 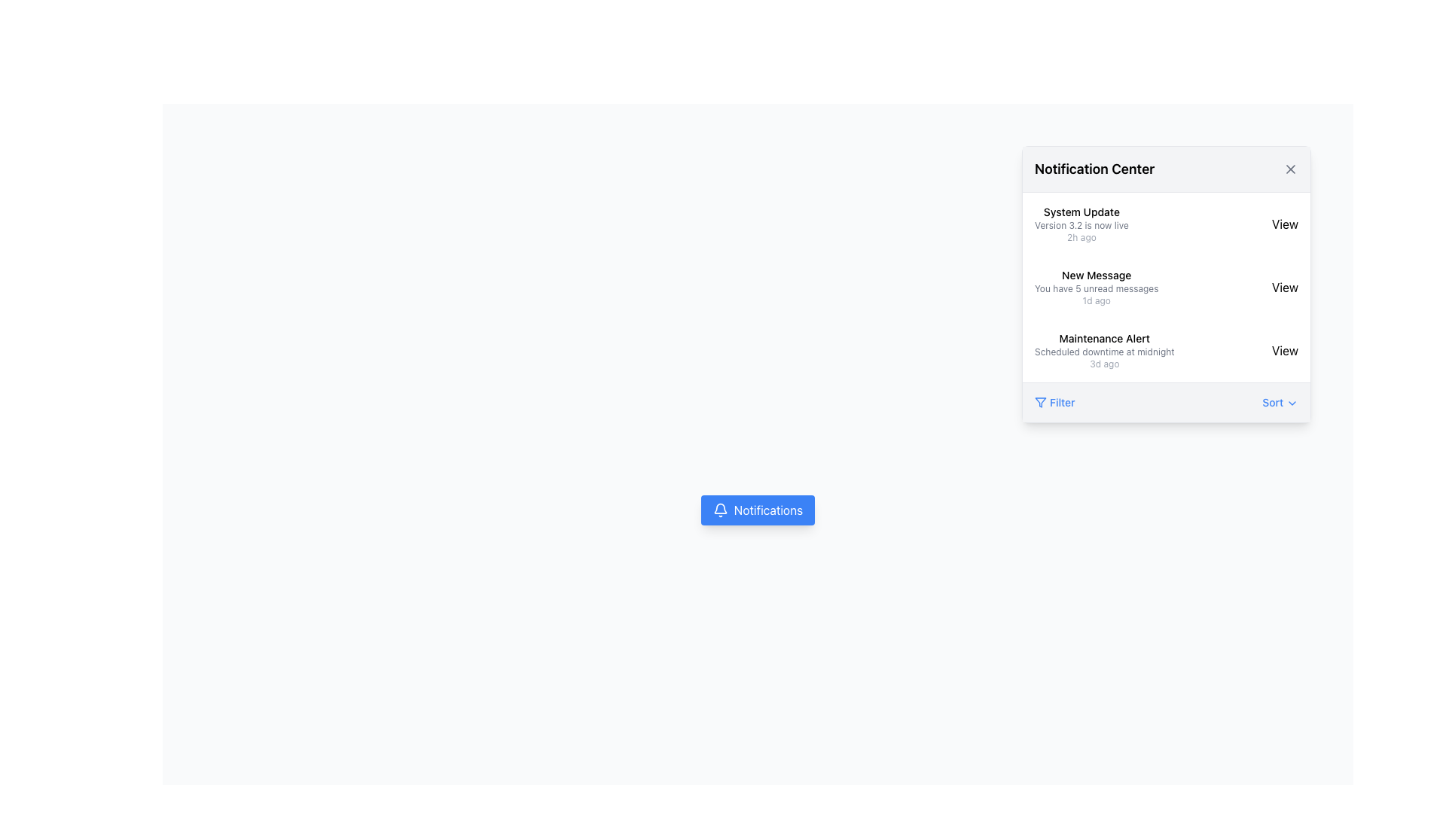 What do you see at coordinates (1040, 402) in the screenshot?
I see `the filtering icon located in the footer row of the notification panel, next to the 'Filter' label to initiate filtering` at bounding box center [1040, 402].